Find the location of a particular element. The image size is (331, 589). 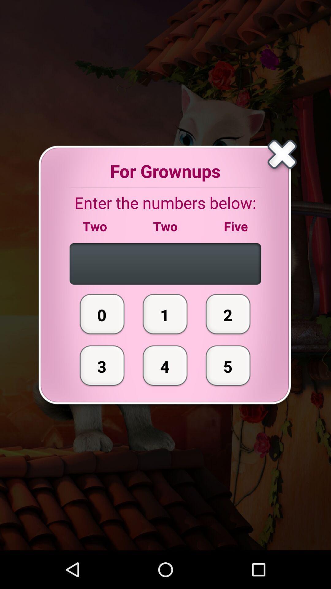

button below the 1 item is located at coordinates (165, 365).